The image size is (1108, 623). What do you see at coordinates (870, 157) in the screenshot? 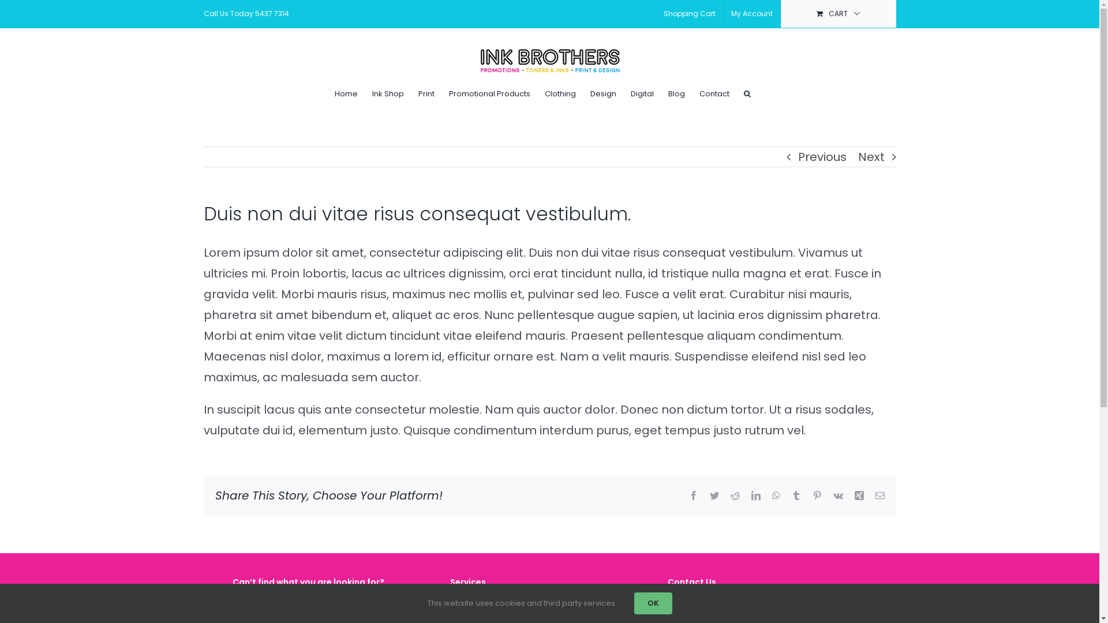
I see `'Next'` at bounding box center [870, 157].